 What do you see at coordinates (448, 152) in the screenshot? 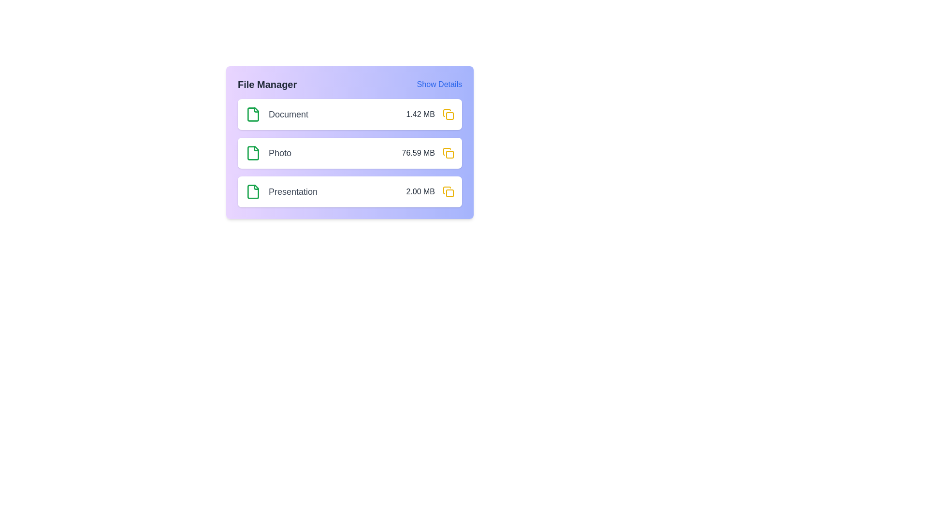
I see `the icon button located in the second row of the 'File Manager' panel, to the right of the text 'Photo' and the file size '76.59 MB', to copy the corresponding information` at bounding box center [448, 152].